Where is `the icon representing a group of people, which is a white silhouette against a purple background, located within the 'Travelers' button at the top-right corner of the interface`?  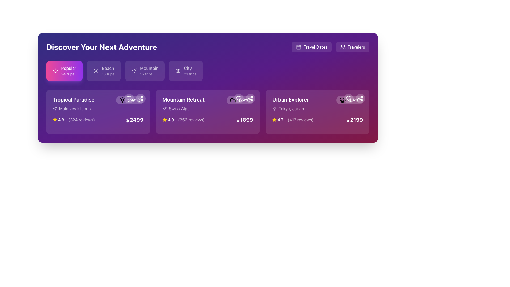
the icon representing a group of people, which is a white silhouette against a purple background, located within the 'Travelers' button at the top-right corner of the interface is located at coordinates (343, 47).